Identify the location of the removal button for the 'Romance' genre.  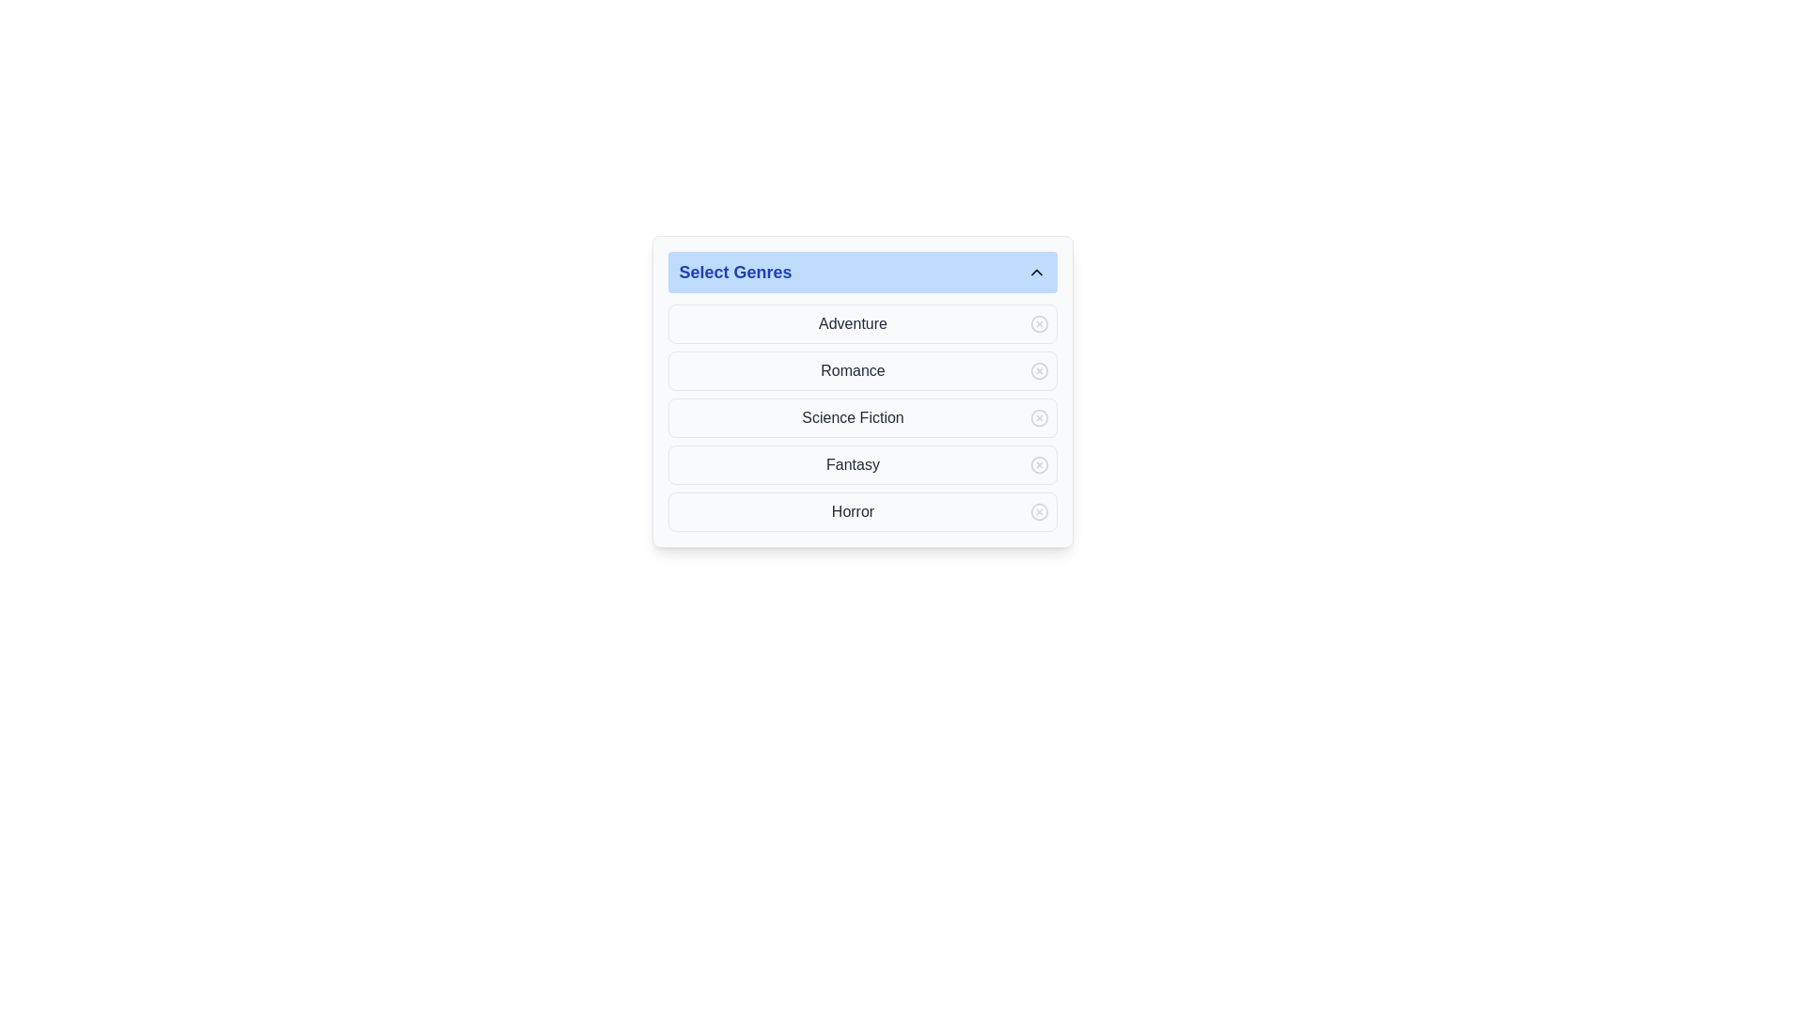
(1038, 370).